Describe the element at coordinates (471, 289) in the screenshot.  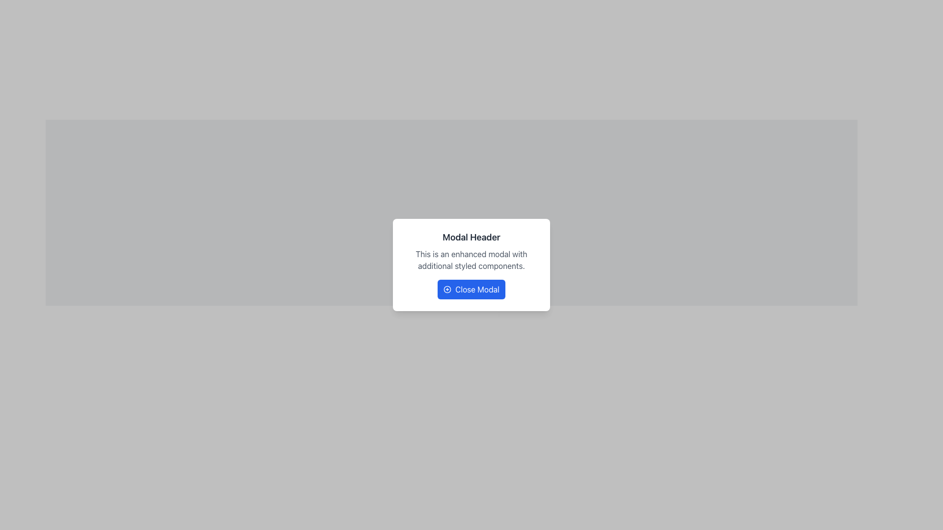
I see `the blue rectangular 'Close Modal' button with white text and a plus icon` at that location.